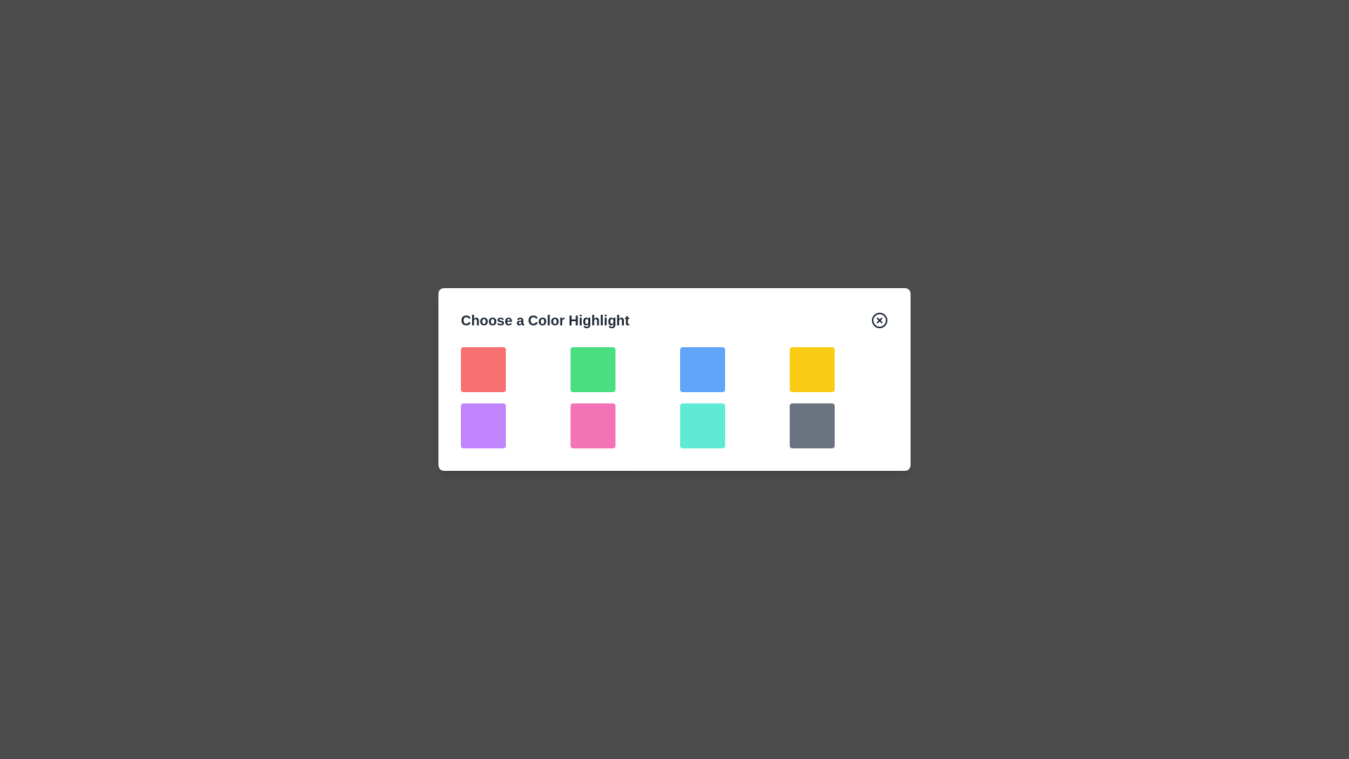 The height and width of the screenshot is (759, 1349). I want to click on the color block corresponding to red, so click(483, 368).